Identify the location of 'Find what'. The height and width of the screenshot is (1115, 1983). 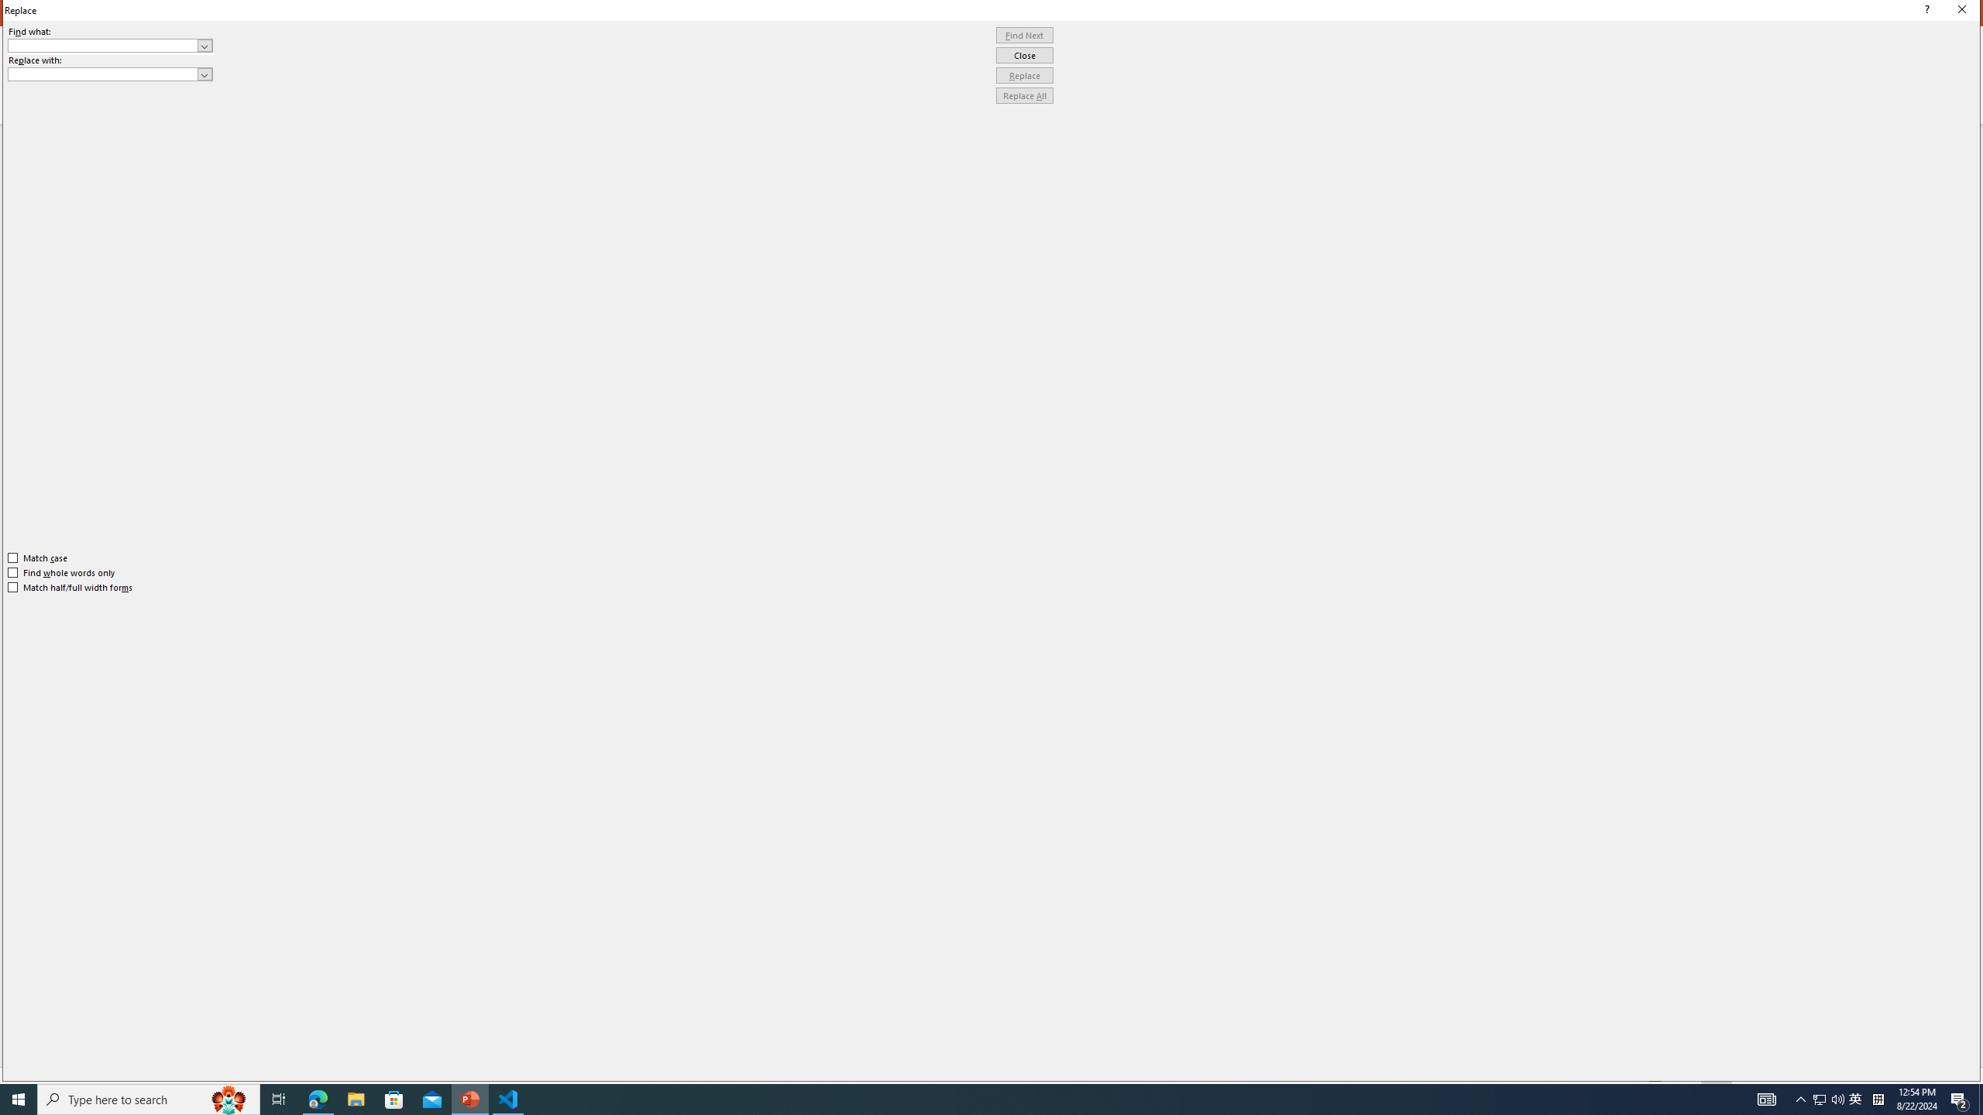
(110, 45).